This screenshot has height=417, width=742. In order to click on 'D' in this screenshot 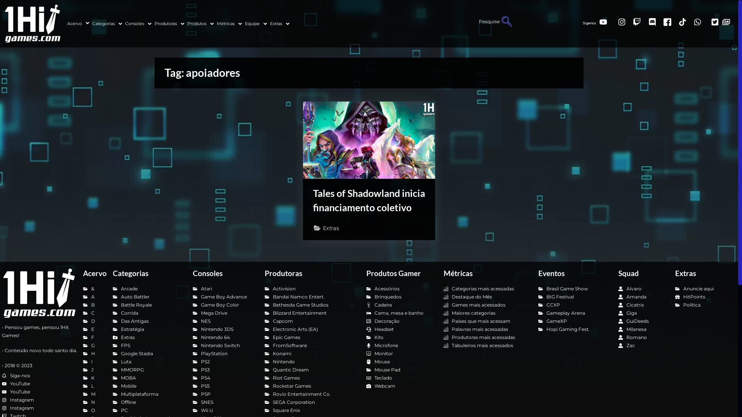, I will do `click(94, 321)`.